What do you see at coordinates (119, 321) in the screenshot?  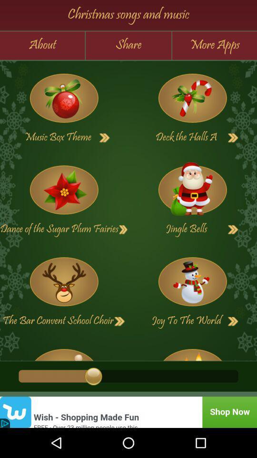 I see `next` at bounding box center [119, 321].